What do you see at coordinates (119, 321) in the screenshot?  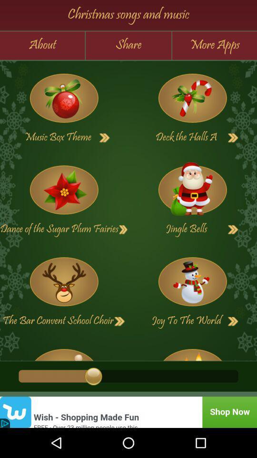 I see `next` at bounding box center [119, 321].